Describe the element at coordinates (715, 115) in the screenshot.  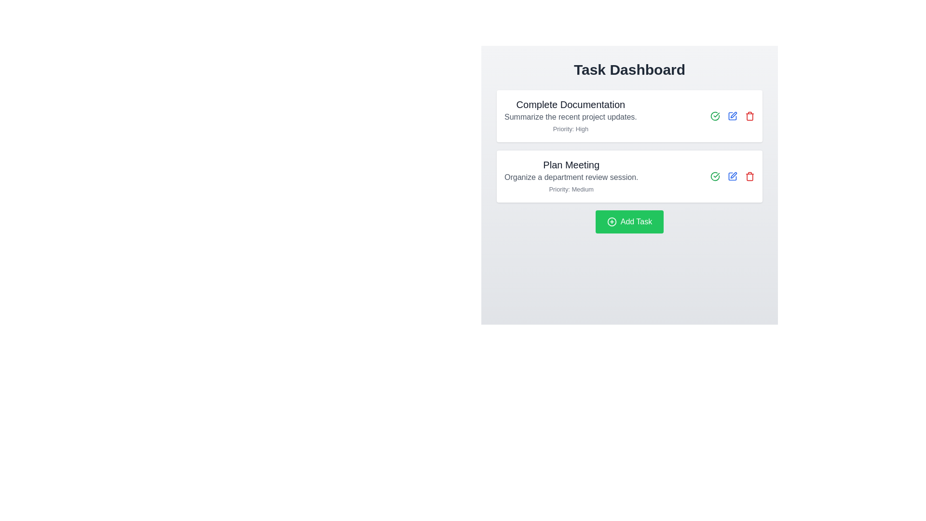
I see `the first icon representing an incomplete state for a task in the secondary action icons aligned to the right side of the 'Plan Meeting' task item` at that location.